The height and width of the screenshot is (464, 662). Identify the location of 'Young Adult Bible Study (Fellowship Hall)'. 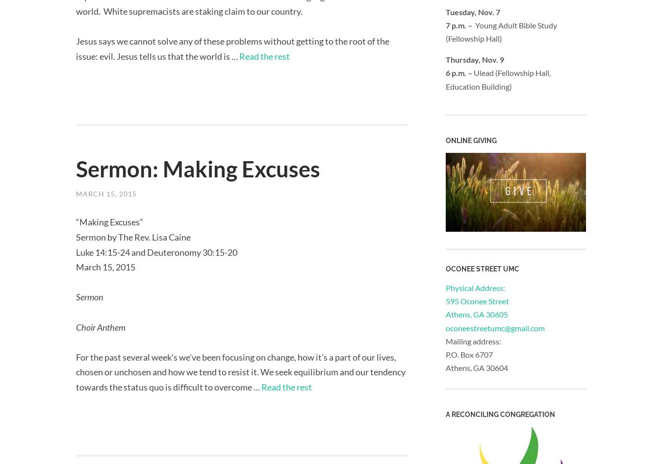
(501, 31).